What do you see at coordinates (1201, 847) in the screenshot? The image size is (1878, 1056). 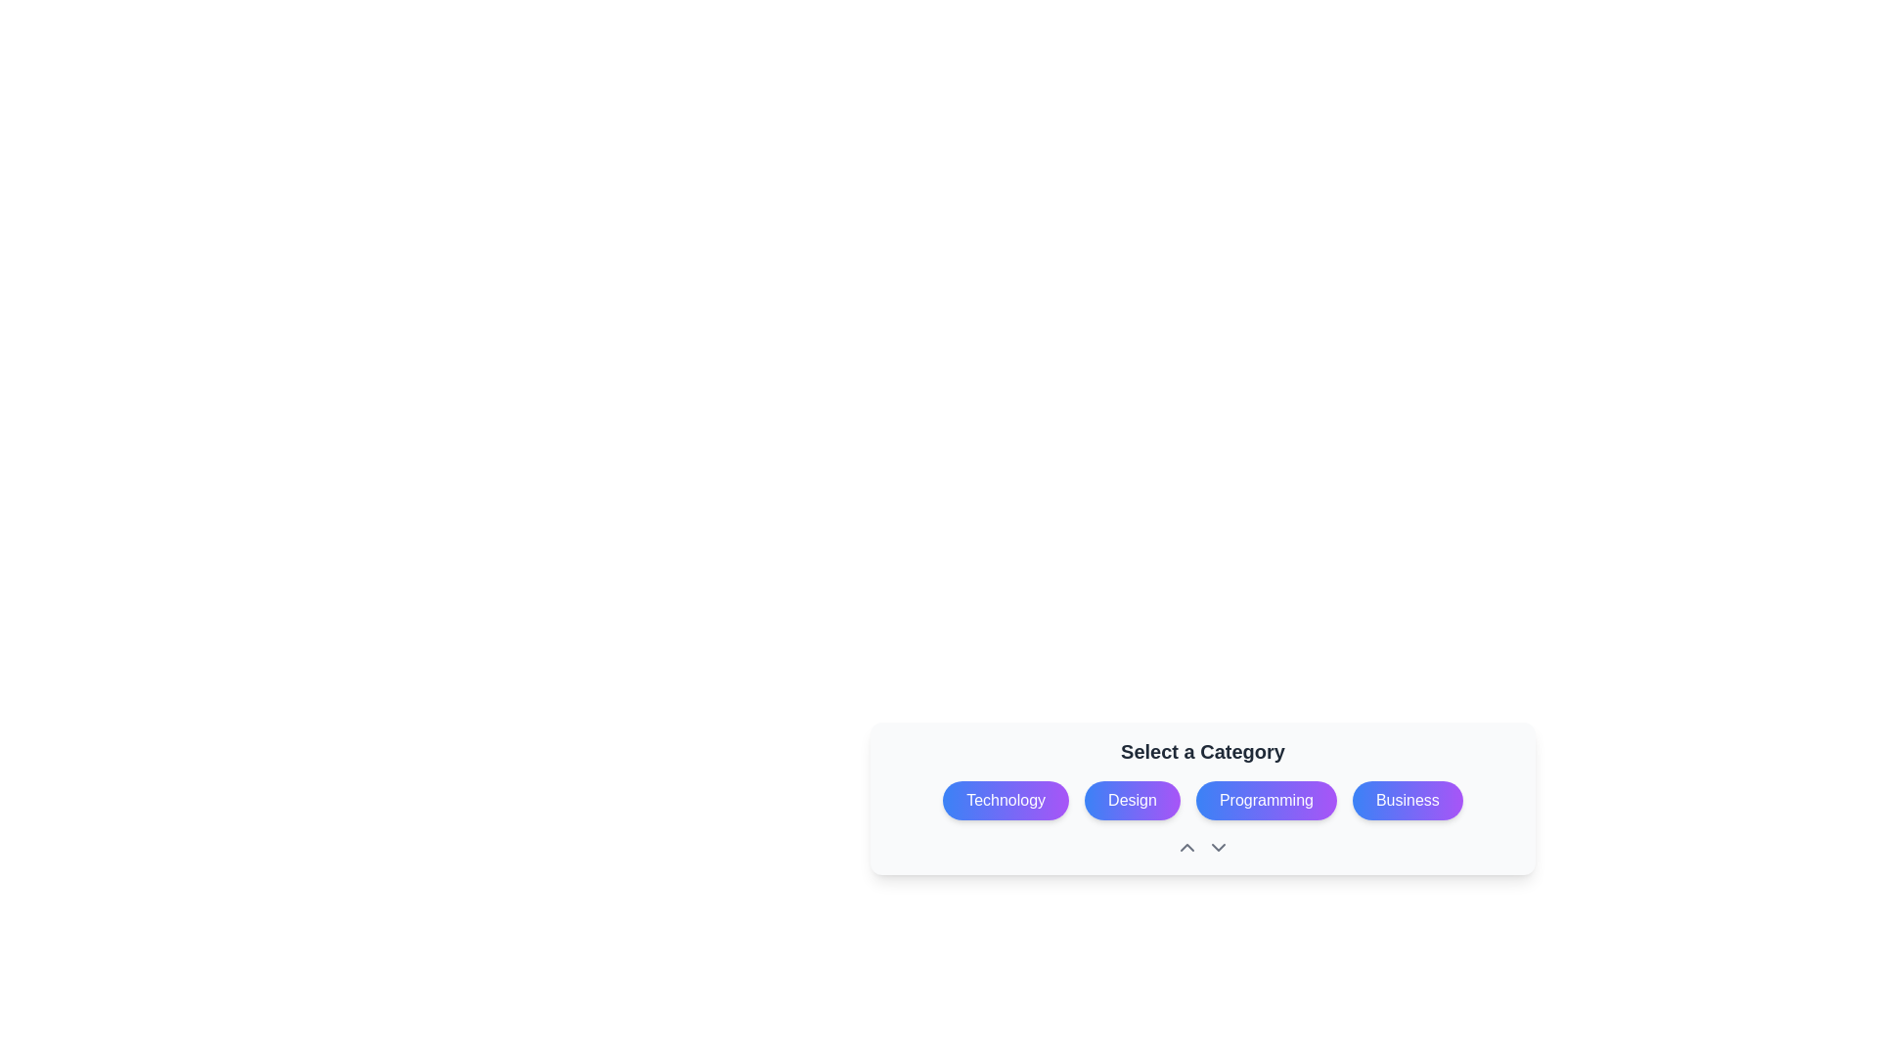 I see `the downward arrow of the Control component located at the bottom center of the card section below 'Select a Category'` at bounding box center [1201, 847].